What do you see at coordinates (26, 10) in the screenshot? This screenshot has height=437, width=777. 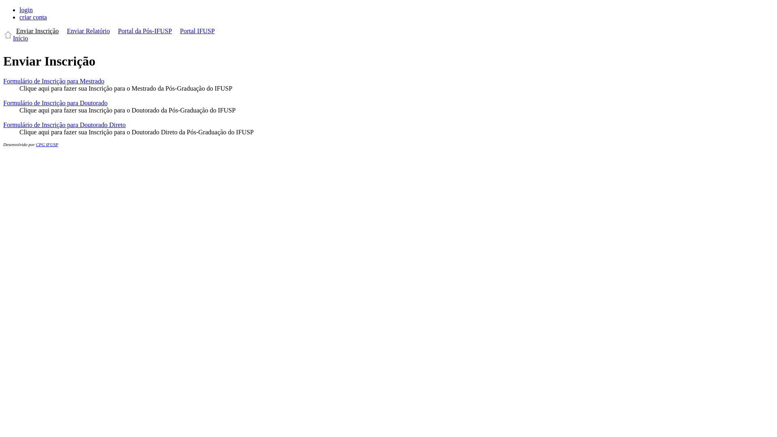 I see `'login'` at bounding box center [26, 10].